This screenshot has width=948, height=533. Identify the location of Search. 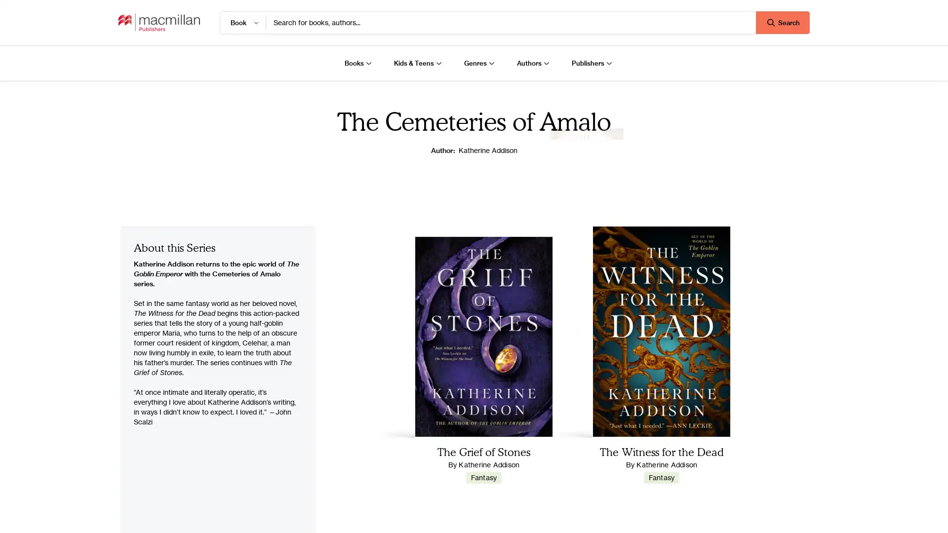
(782, 22).